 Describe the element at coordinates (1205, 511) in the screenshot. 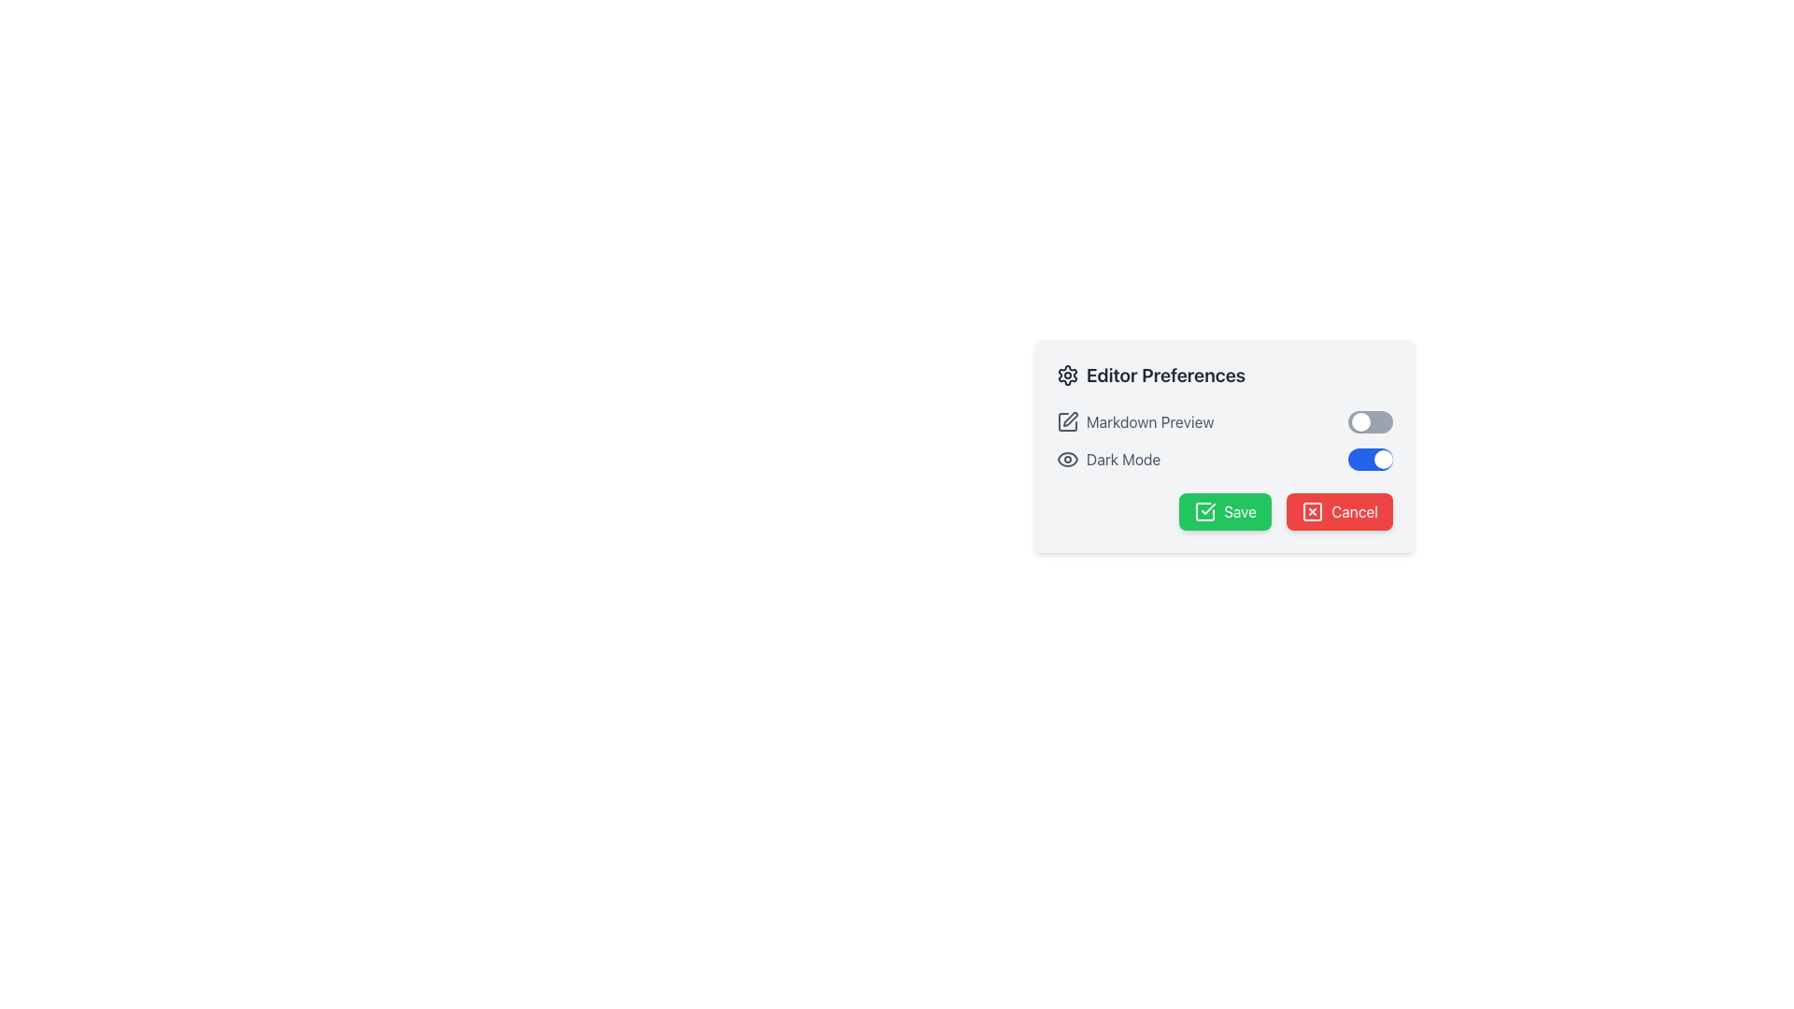

I see `the visual indicator icon located to the left of the 'Save' text within the green button in the 'Editor Preferences' modal dialog` at that location.